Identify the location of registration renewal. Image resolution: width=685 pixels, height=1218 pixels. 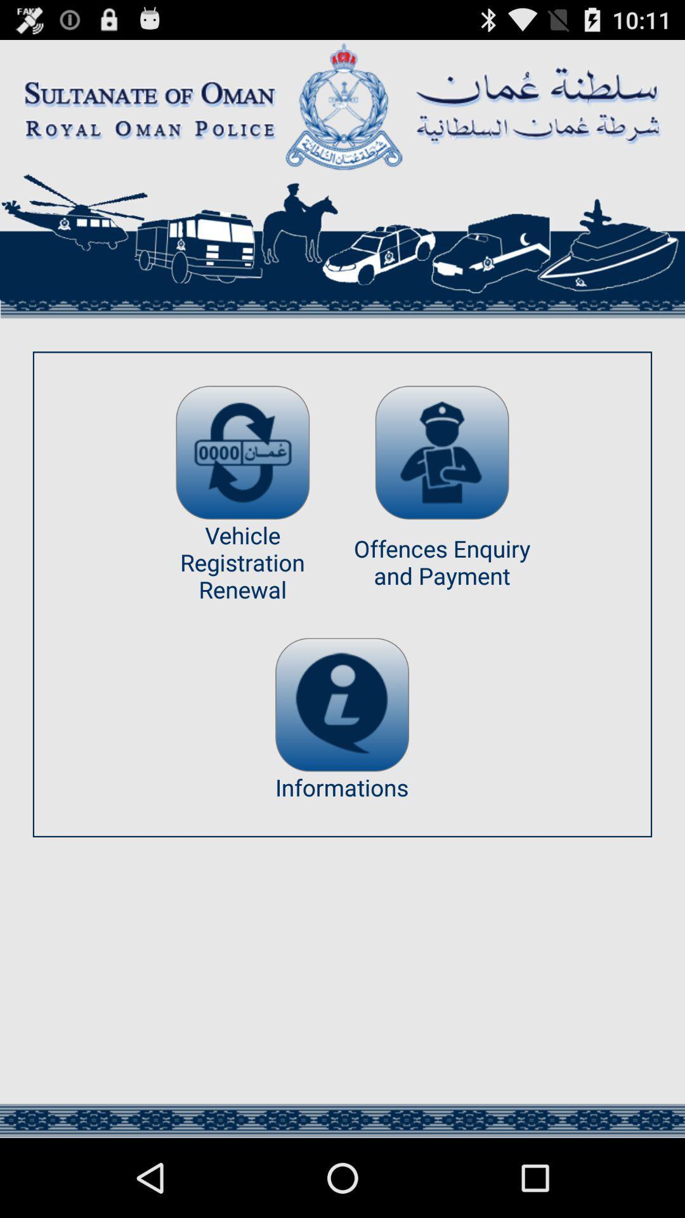
(242, 452).